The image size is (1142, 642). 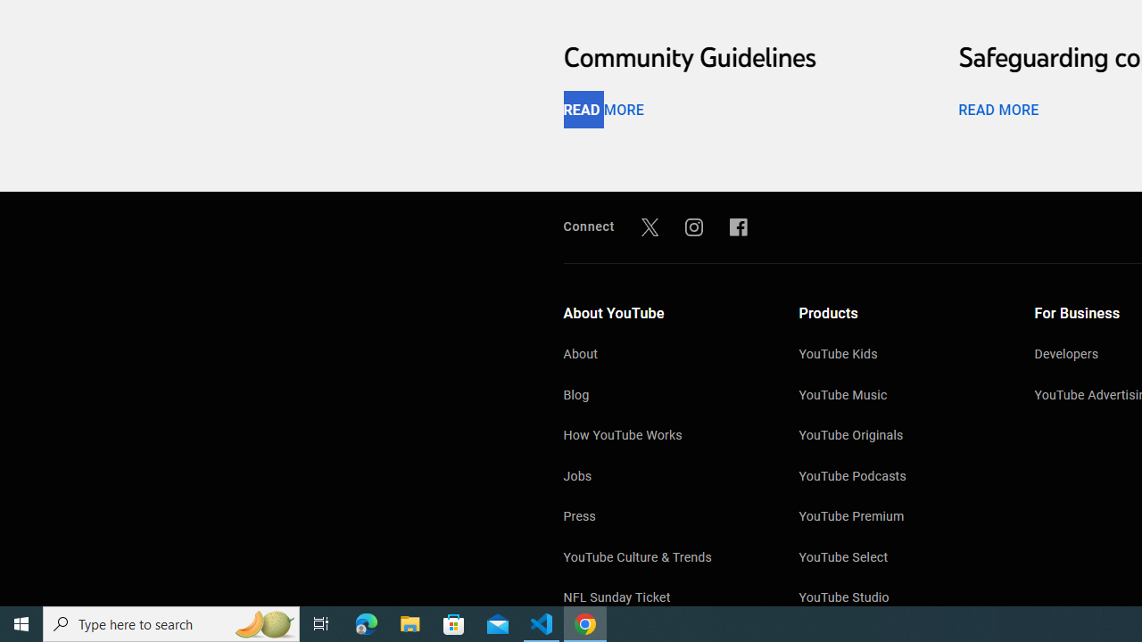 What do you see at coordinates (739, 226) in the screenshot?
I see `'Facebook'` at bounding box center [739, 226].